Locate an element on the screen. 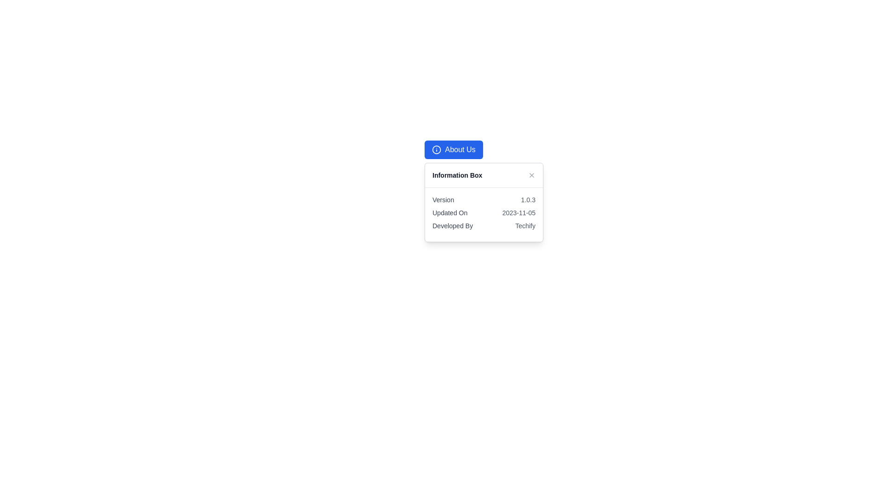 Image resolution: width=891 pixels, height=501 pixels. the Close button located at the top-right corner of the 'Information Box' is located at coordinates (532, 175).